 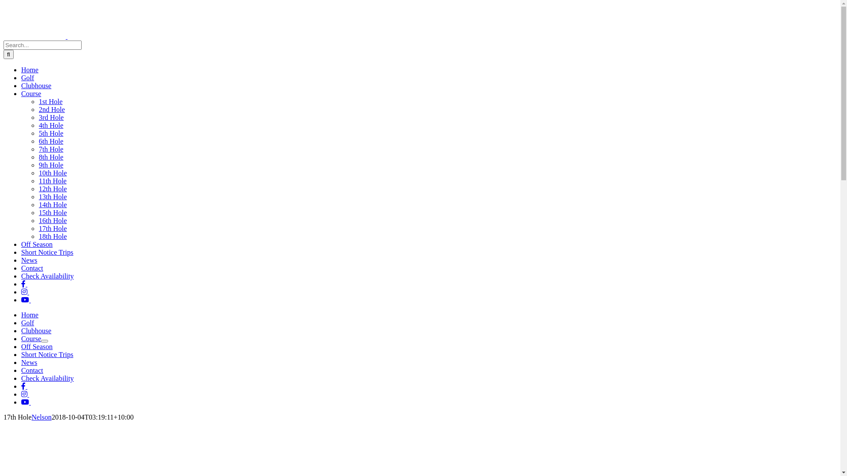 What do you see at coordinates (50, 149) in the screenshot?
I see `'7th Hole'` at bounding box center [50, 149].